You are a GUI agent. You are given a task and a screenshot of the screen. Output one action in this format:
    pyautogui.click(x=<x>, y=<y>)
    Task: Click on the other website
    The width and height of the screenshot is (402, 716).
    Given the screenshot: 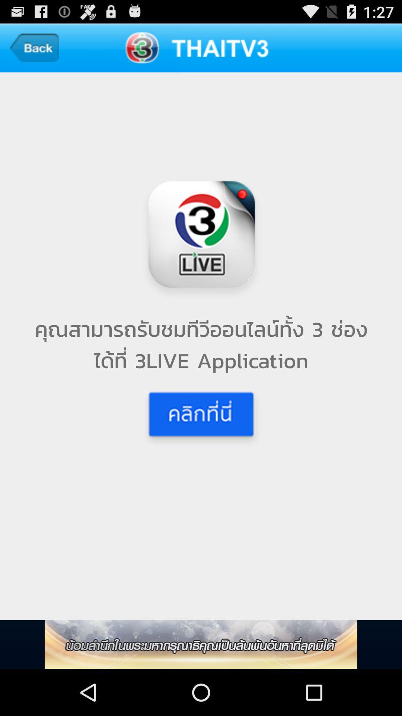 What is the action you would take?
    pyautogui.click(x=201, y=644)
    